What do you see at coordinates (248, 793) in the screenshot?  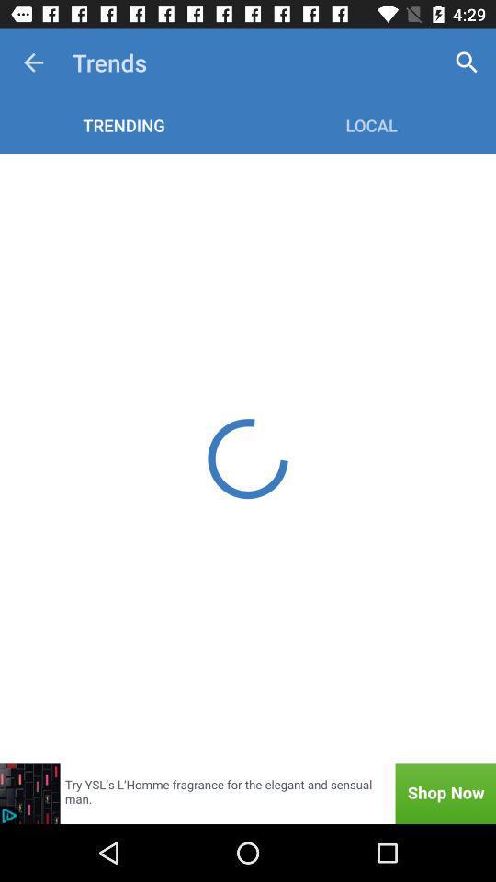 I see `advertisement to shop` at bounding box center [248, 793].